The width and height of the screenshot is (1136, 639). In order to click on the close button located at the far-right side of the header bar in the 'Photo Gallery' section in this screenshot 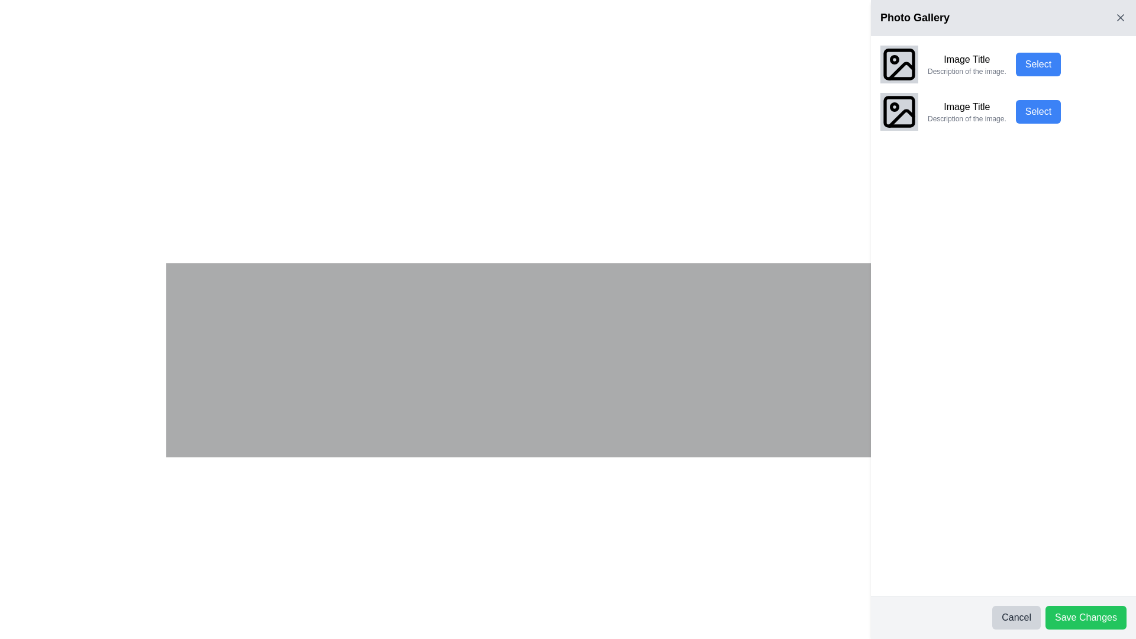, I will do `click(1120, 18)`.